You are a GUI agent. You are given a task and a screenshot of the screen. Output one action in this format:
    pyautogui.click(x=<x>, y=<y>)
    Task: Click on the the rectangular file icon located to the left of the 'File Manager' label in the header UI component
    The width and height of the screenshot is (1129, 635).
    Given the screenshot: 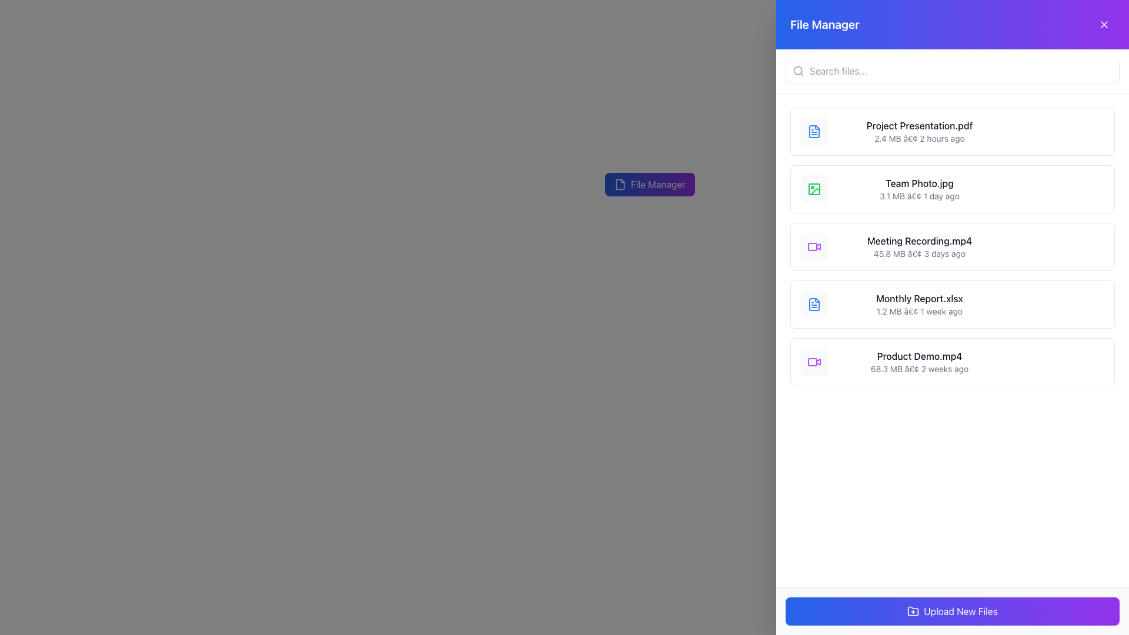 What is the action you would take?
    pyautogui.click(x=620, y=184)
    